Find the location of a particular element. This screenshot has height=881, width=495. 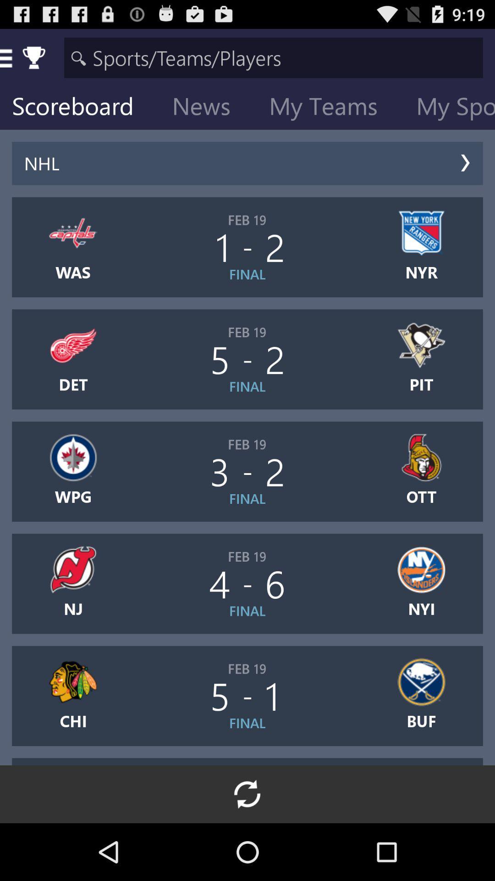

the item below chi item is located at coordinates (247, 794).